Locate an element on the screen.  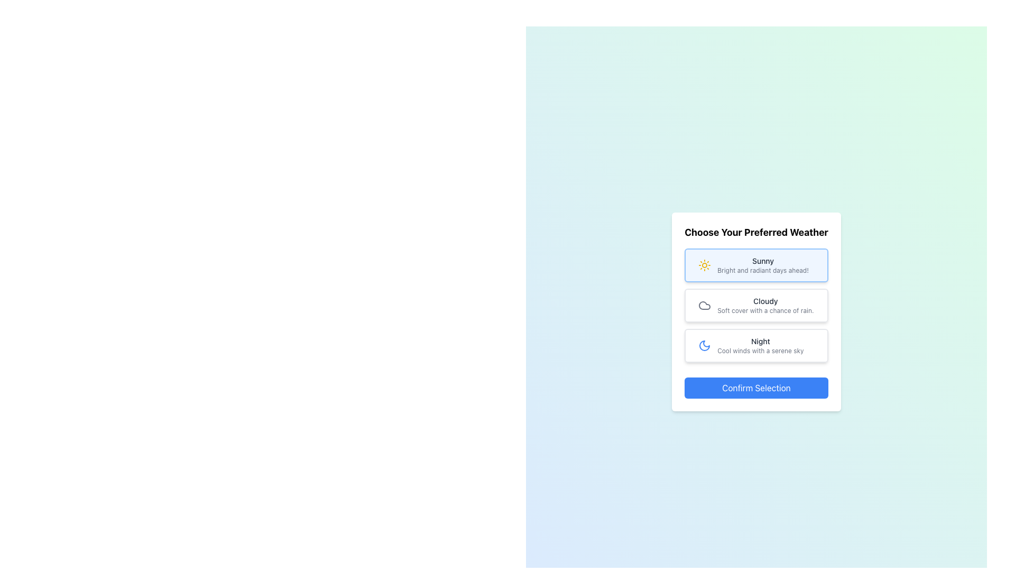
the 'Night' weather selection card title text label, which is positioned above the description 'Cool winds with a serene sky' in the structured layout of weather option cards is located at coordinates (760, 341).